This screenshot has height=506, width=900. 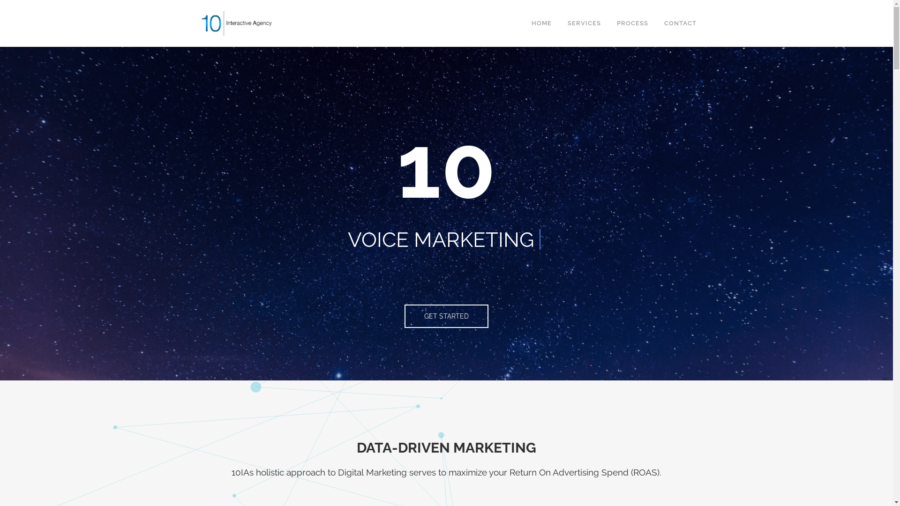 I want to click on 'HOME', so click(x=541, y=23).